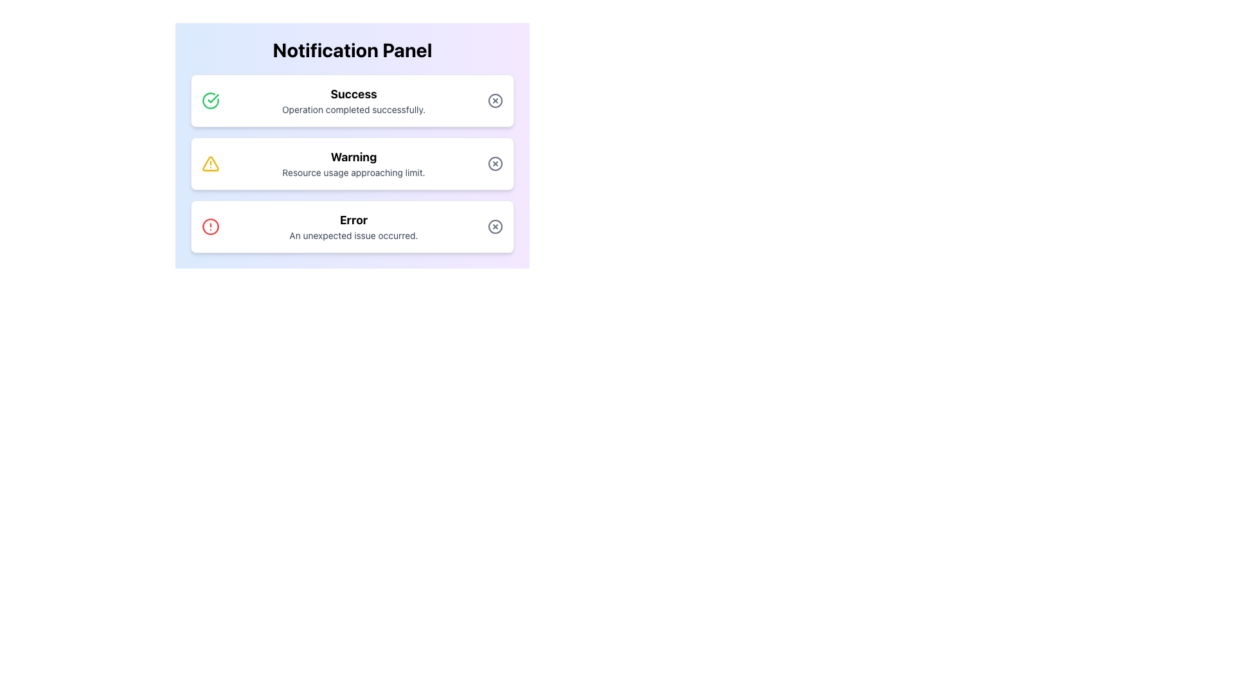  Describe the element at coordinates (210, 226) in the screenshot. I see `the error alert icon located within the 'Error' notification box, which is on the left side adjacent to the text 'Error' and 'An unexpected issue occurred.'` at that location.